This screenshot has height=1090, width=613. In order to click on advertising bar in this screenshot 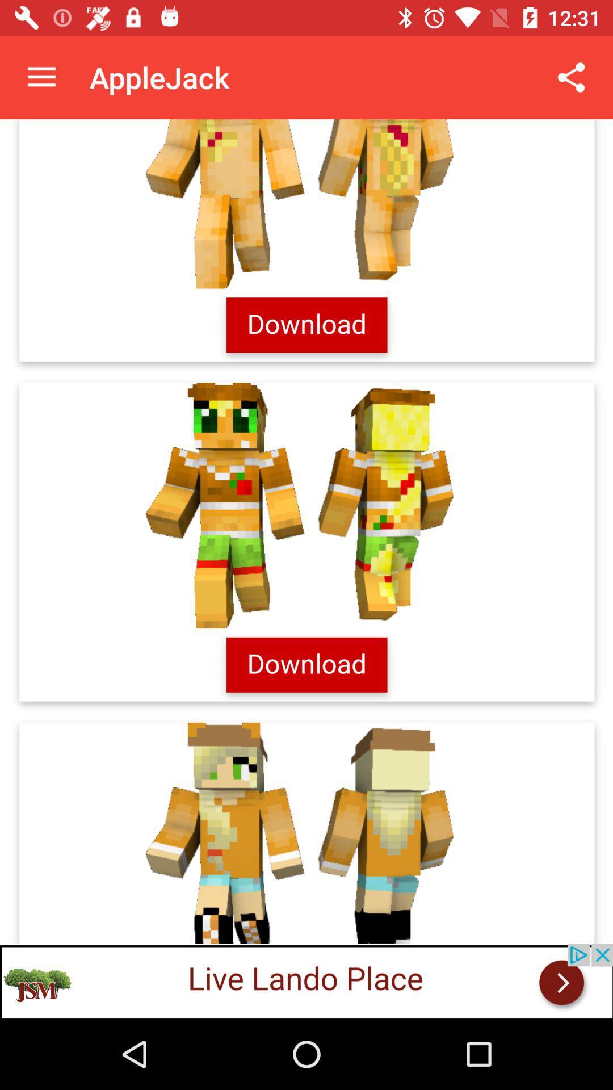, I will do `click(306, 980)`.